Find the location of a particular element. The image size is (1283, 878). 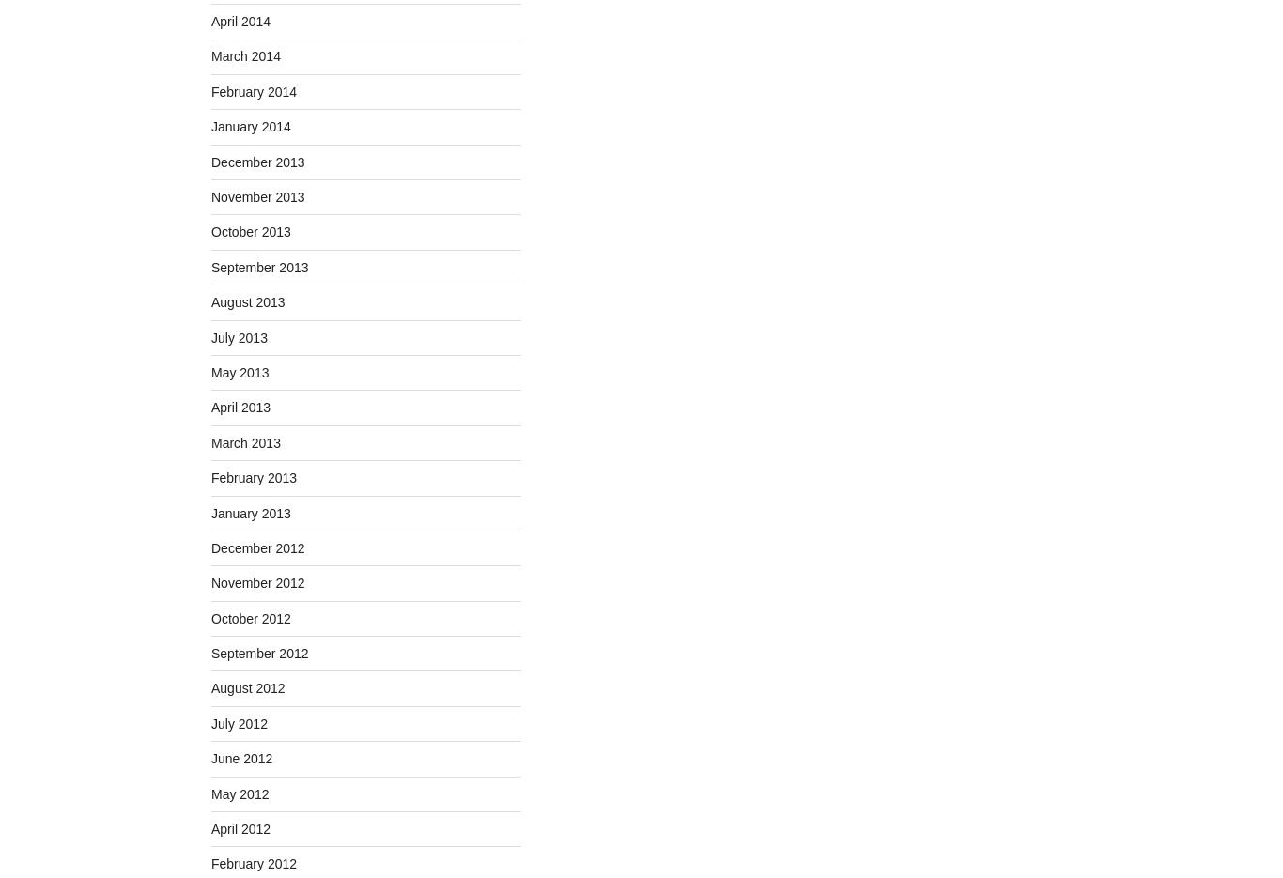

'April 2014' is located at coordinates (240, 21).